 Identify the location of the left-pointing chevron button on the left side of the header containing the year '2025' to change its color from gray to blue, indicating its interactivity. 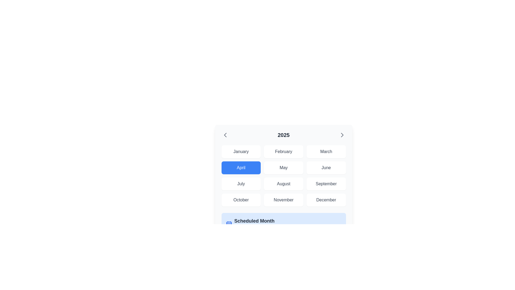
(225, 135).